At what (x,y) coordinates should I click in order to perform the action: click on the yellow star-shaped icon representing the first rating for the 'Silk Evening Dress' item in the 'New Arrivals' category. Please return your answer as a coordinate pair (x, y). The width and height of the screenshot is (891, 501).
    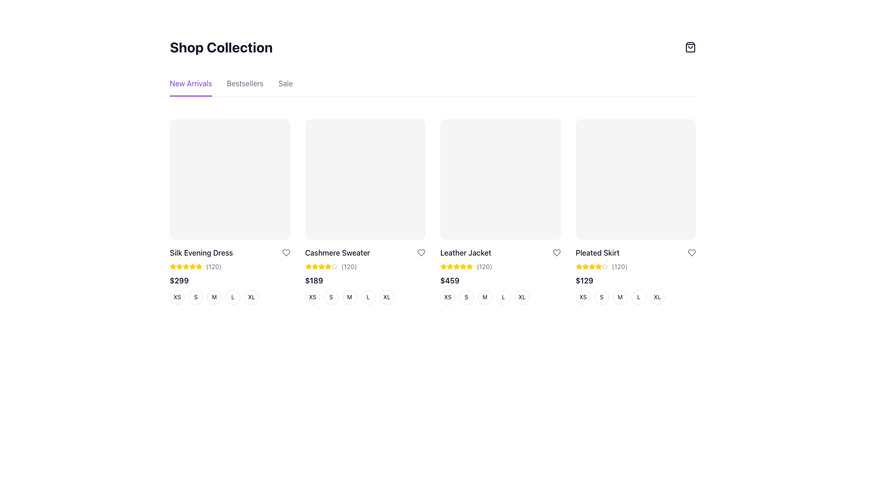
    Looking at the image, I should click on (173, 266).